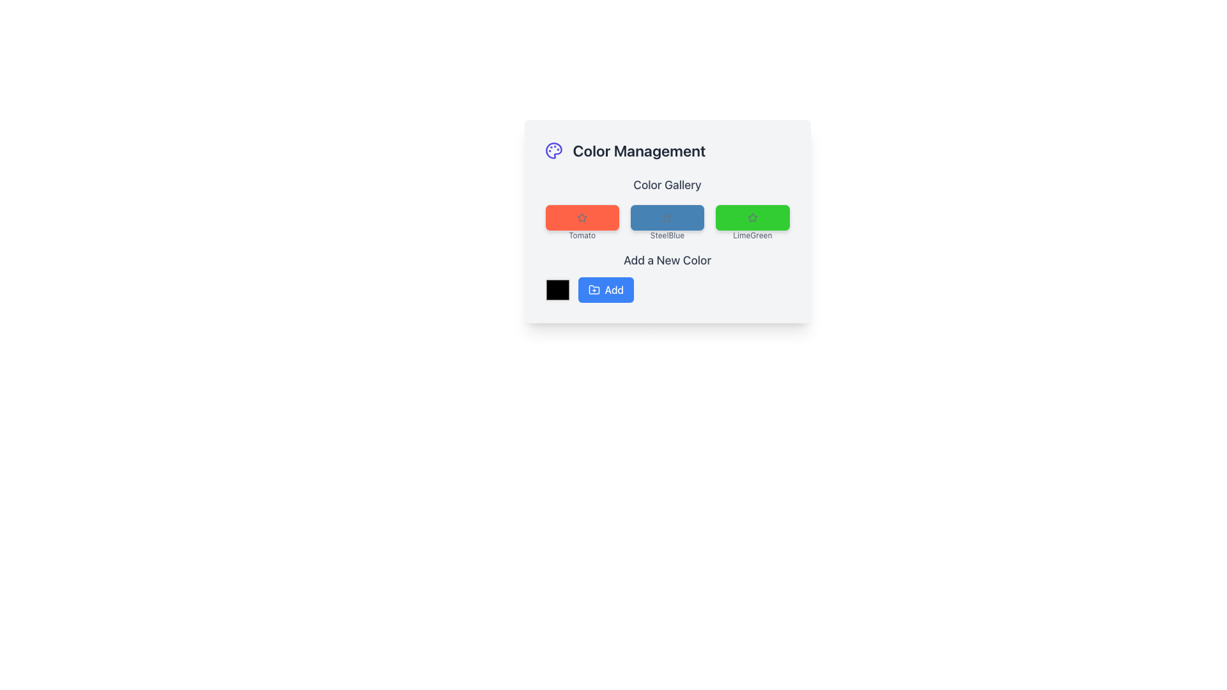 Image resolution: width=1227 pixels, height=690 pixels. What do you see at coordinates (593, 290) in the screenshot?
I see `the 'Add' icon located inside the button at the bottom portion of the interface, next to the black color preview box, to check for tooltips` at bounding box center [593, 290].